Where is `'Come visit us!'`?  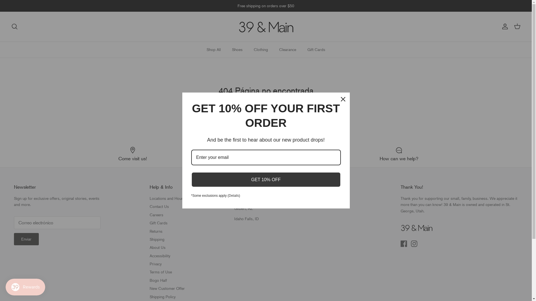 'Come visit us!' is located at coordinates (70, 154).